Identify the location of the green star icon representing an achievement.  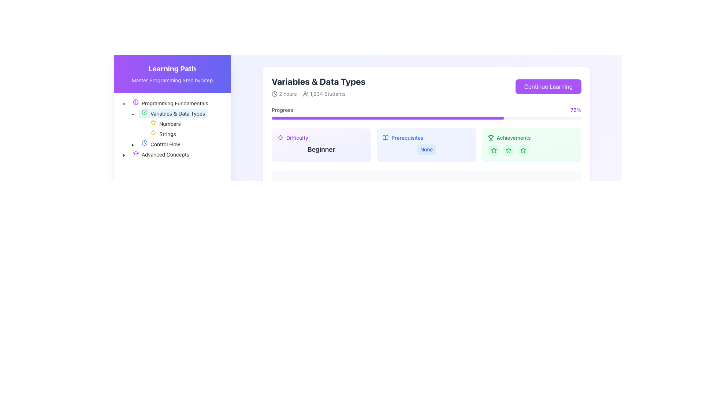
(508, 150).